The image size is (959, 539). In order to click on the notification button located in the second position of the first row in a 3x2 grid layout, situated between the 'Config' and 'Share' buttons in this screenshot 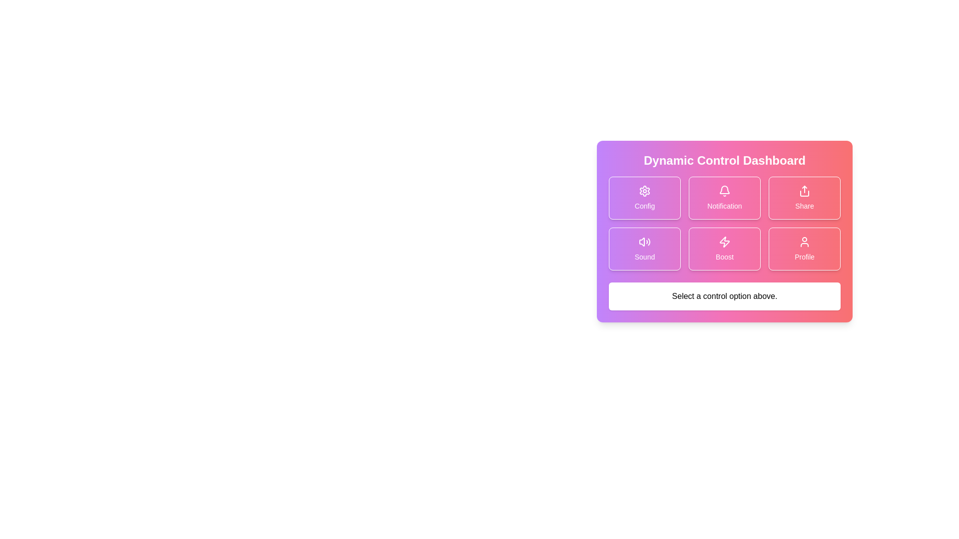, I will do `click(724, 198)`.